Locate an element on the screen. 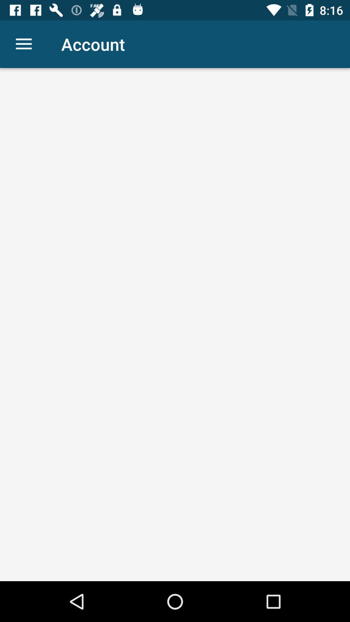 The height and width of the screenshot is (622, 350). item next to account item is located at coordinates (23, 44).